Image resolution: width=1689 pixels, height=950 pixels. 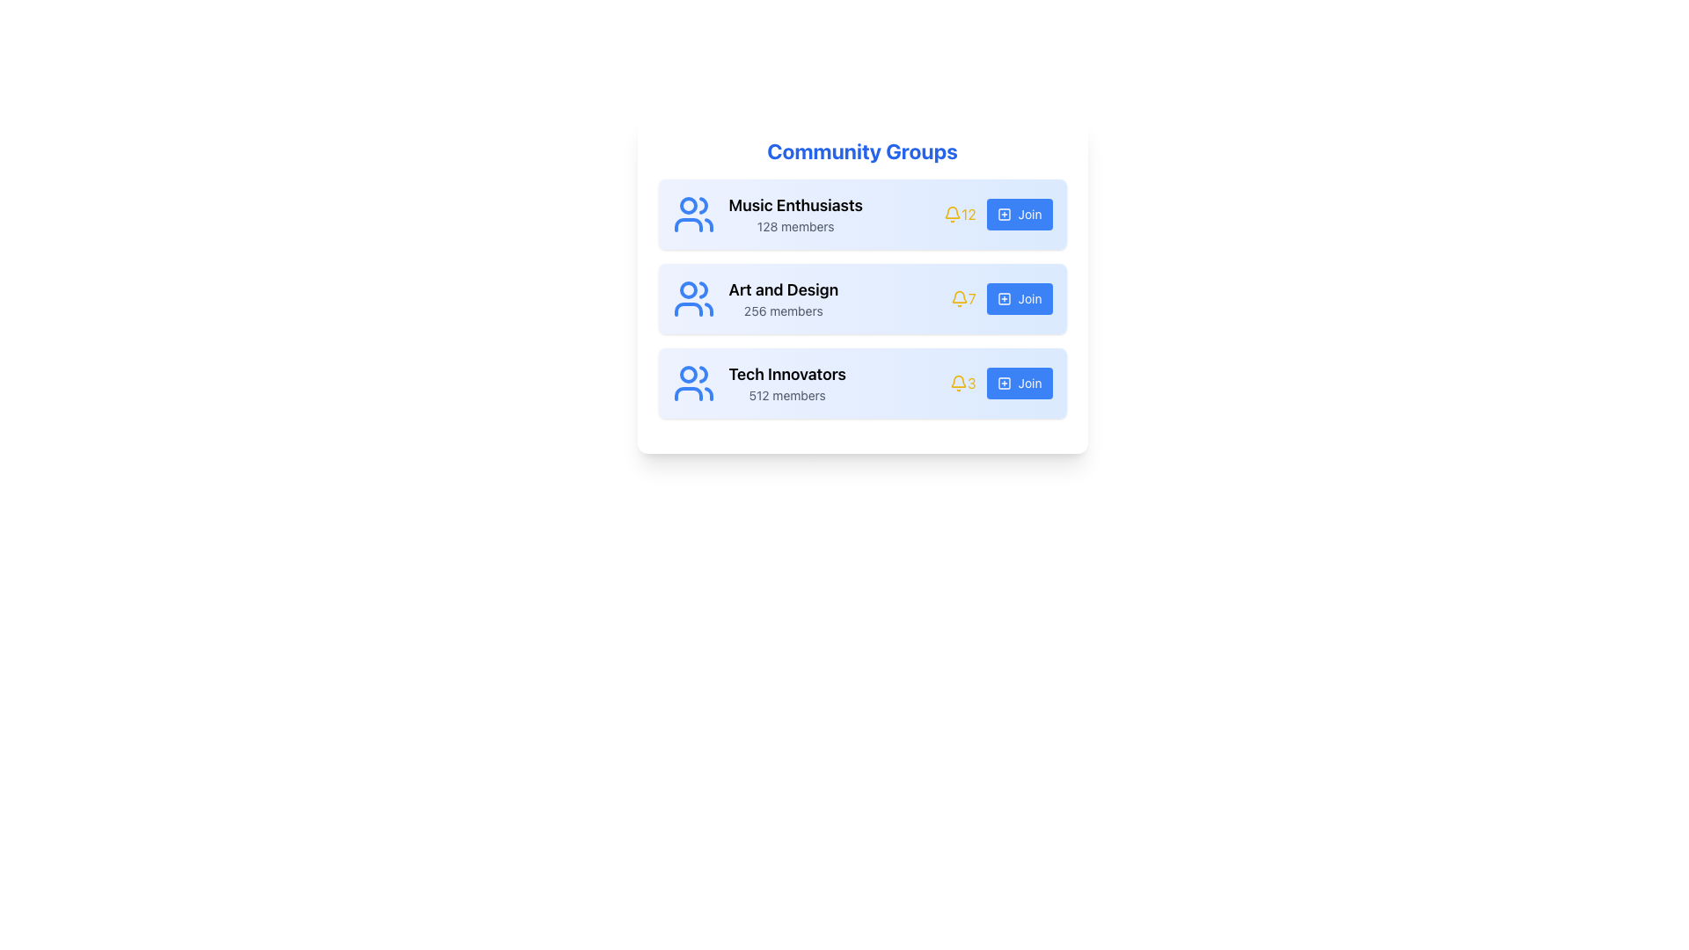 I want to click on the title text for the 'Tech Innovators' group, which is the primary heading in the third group entry of community groups, so click(x=786, y=373).